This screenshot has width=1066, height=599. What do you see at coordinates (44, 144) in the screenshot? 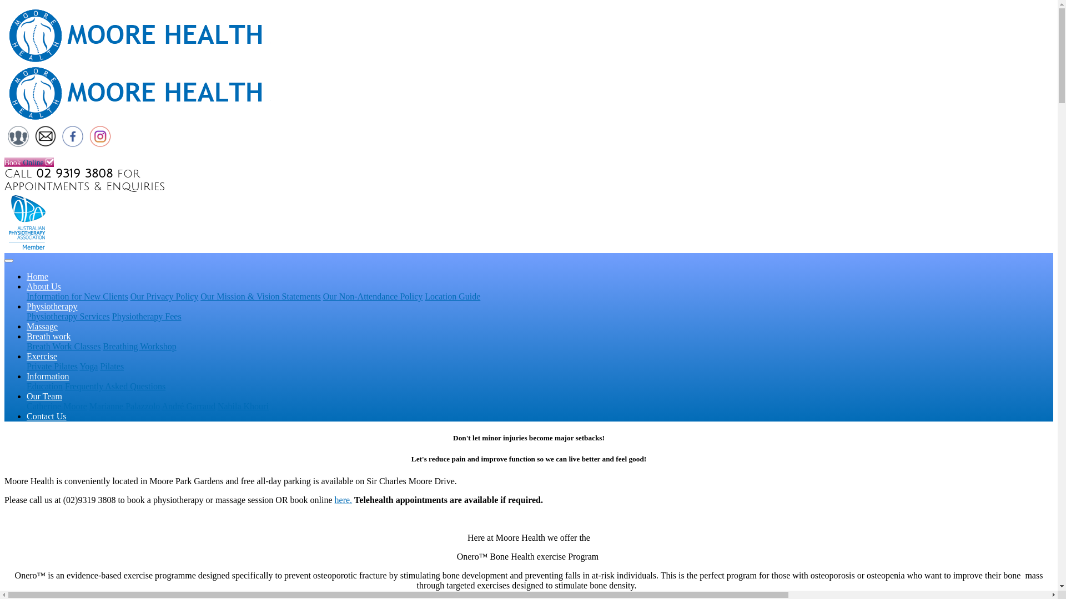
I see `'Contact Us'` at bounding box center [44, 144].